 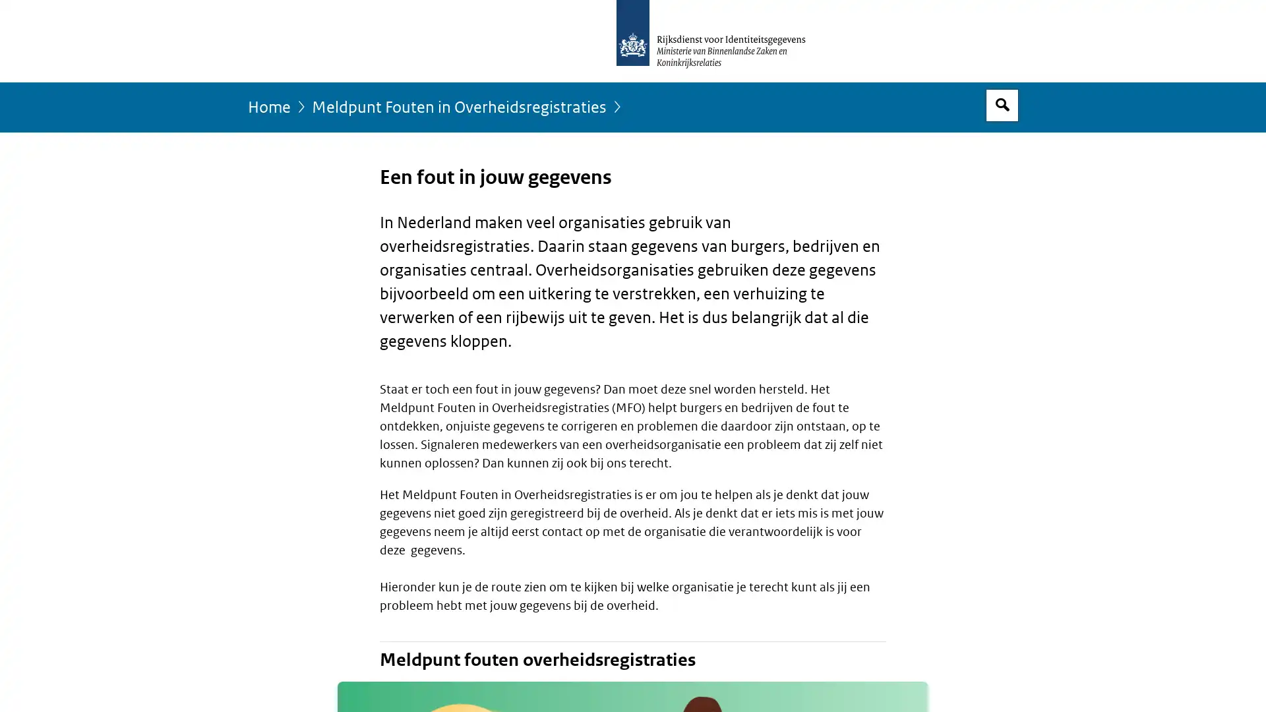 I want to click on Open zoekveld, so click(x=1002, y=104).